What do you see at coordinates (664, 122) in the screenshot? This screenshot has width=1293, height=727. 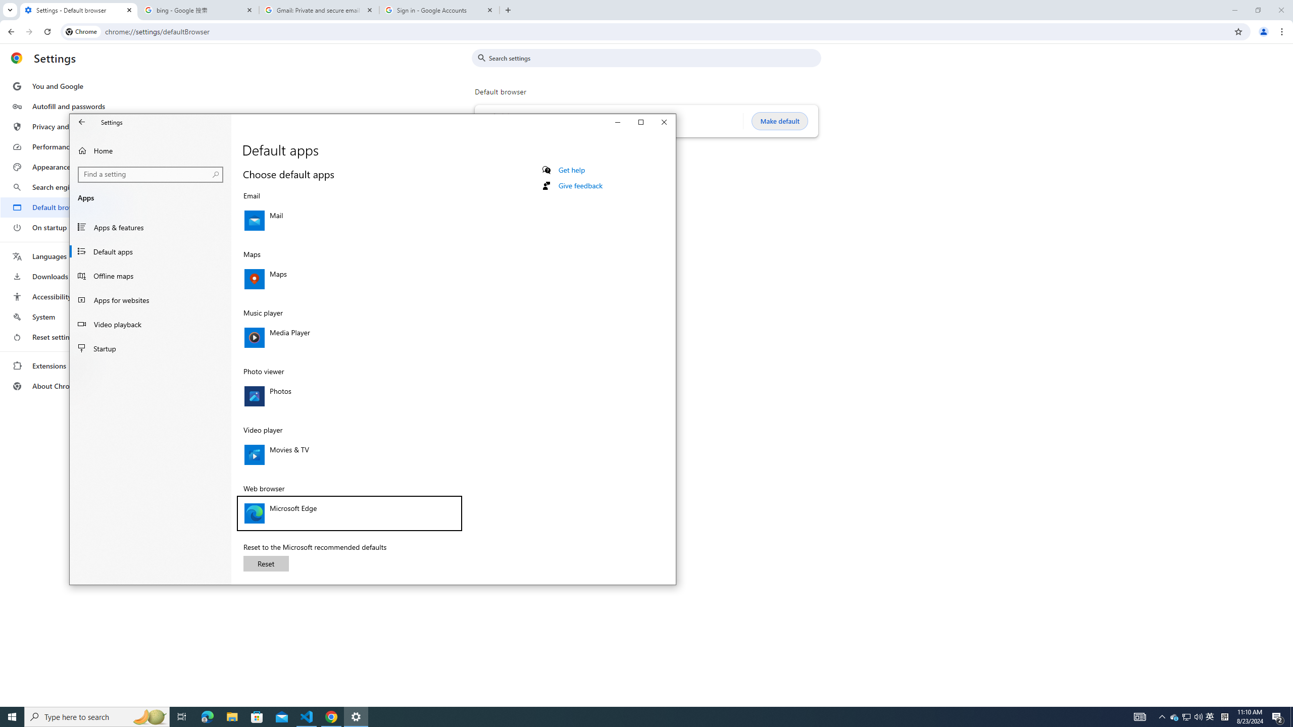 I see `'Close Settings'` at bounding box center [664, 122].